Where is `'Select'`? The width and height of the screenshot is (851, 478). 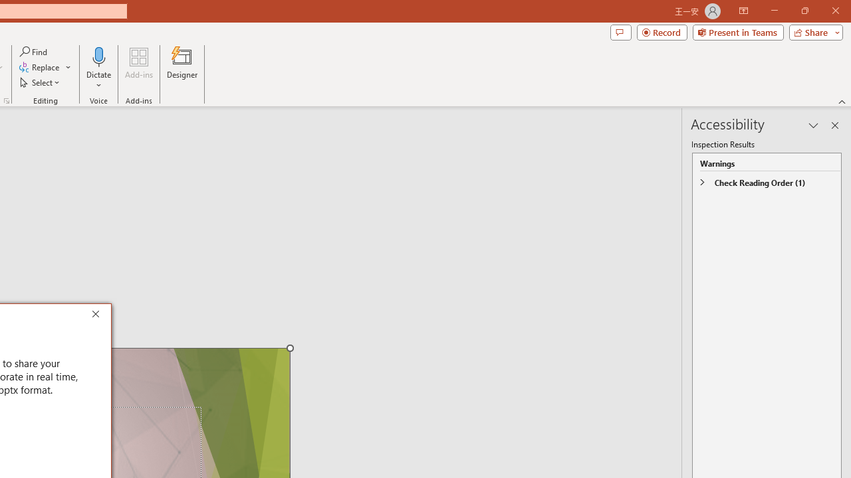
'Select' is located at coordinates (41, 82).